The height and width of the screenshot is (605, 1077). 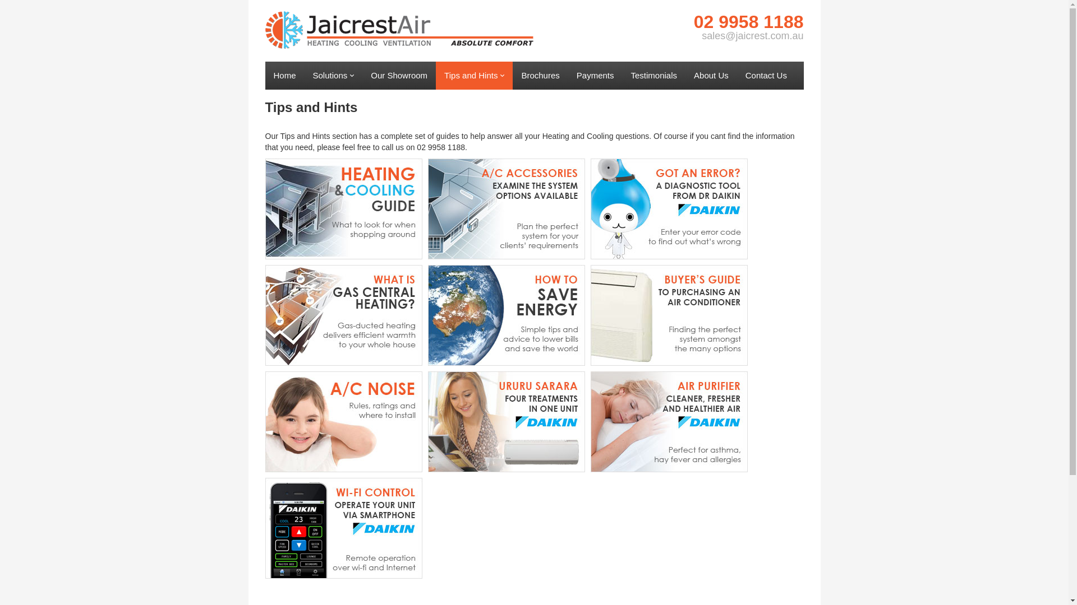 What do you see at coordinates (333, 76) in the screenshot?
I see `'Solutions'` at bounding box center [333, 76].